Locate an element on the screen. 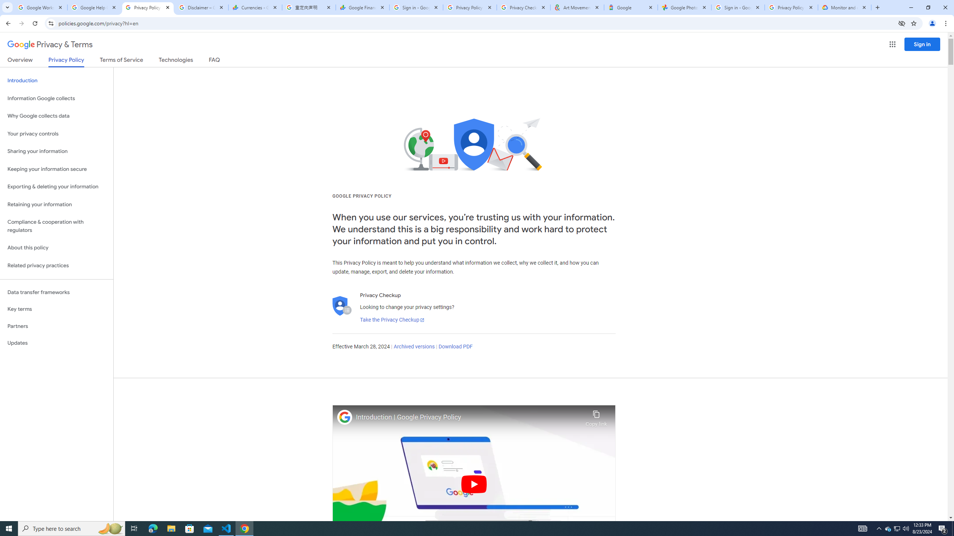  'Sign in - Google Accounts' is located at coordinates (738, 7).